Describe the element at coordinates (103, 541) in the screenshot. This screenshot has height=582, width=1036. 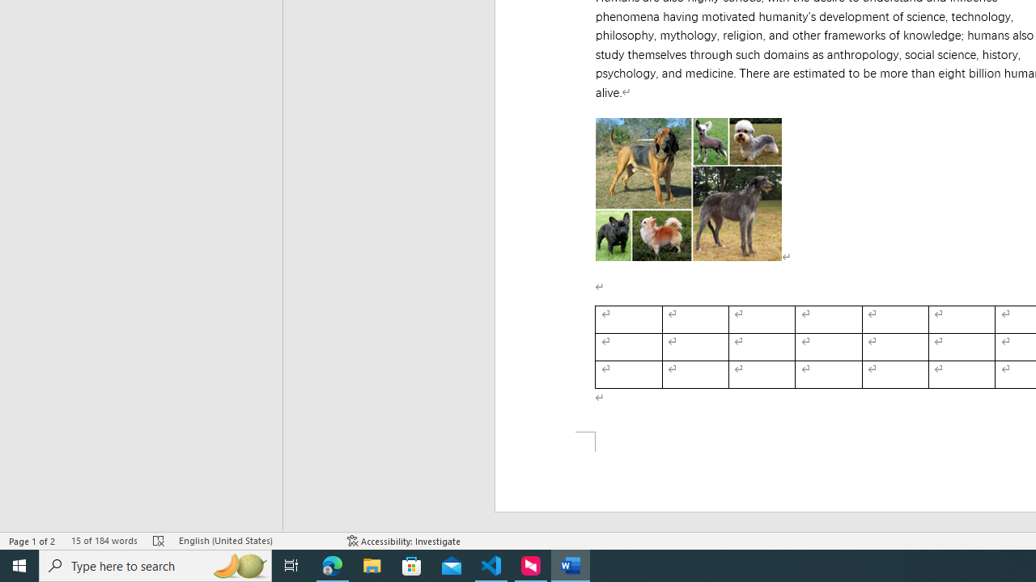
I see `'Word Count 15 of 184 words'` at that location.